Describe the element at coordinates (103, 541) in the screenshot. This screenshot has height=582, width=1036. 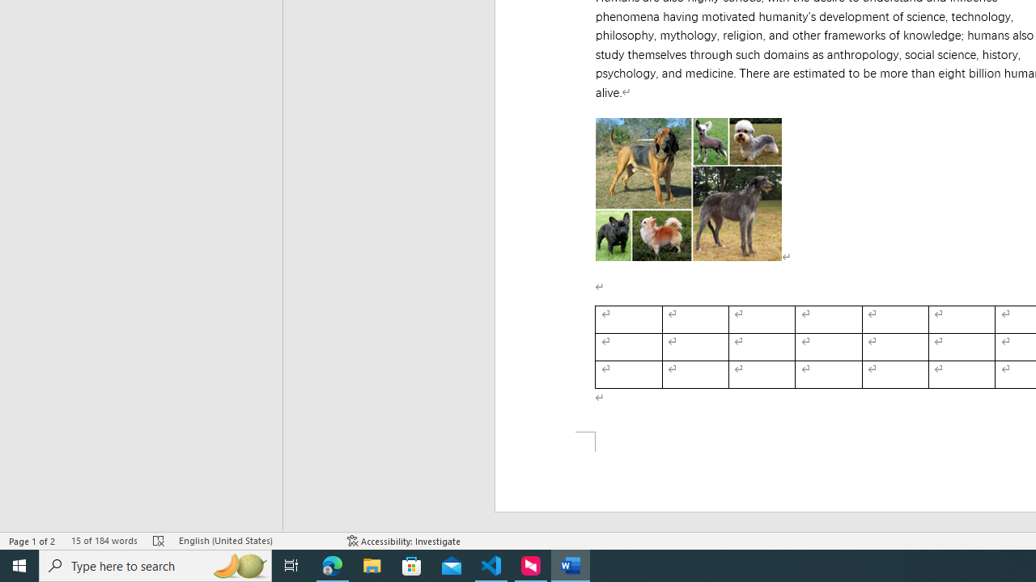
I see `'Word Count 15 of 184 words'` at that location.